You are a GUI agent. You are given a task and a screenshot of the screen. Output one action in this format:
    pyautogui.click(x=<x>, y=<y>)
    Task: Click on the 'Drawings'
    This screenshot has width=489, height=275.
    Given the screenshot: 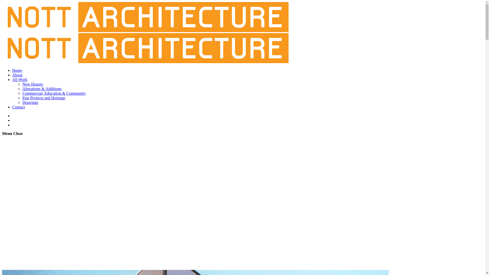 What is the action you would take?
    pyautogui.click(x=22, y=102)
    